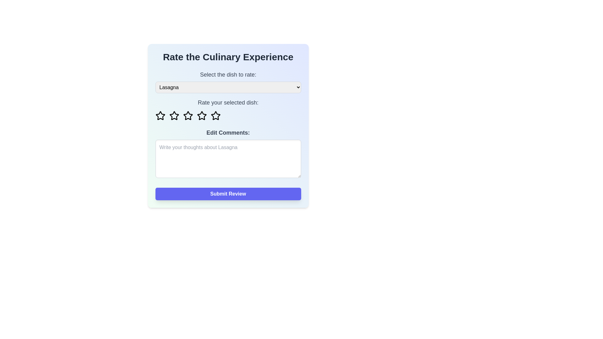 The height and width of the screenshot is (339, 603). Describe the element at coordinates (160, 116) in the screenshot. I see `the first star-shaped rating icon to set the lowest rating in the rating bar below the 'Rate your selected dish' label` at that location.